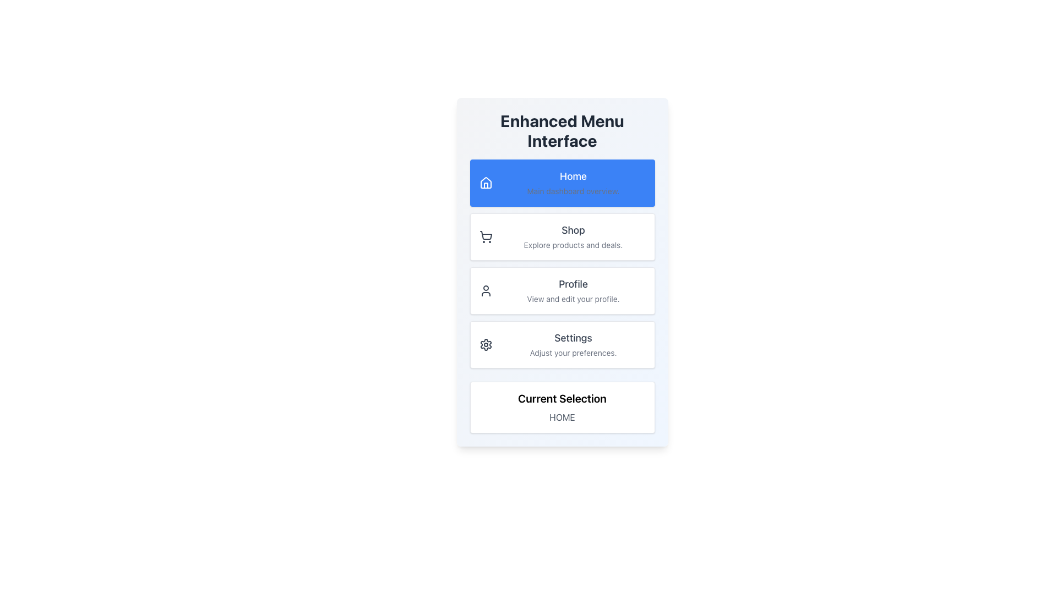 This screenshot has width=1057, height=594. I want to click on the icon that resembles a stylized house outline with a roof and a door, which is located within the blue button labeled 'Home', so click(485, 182).